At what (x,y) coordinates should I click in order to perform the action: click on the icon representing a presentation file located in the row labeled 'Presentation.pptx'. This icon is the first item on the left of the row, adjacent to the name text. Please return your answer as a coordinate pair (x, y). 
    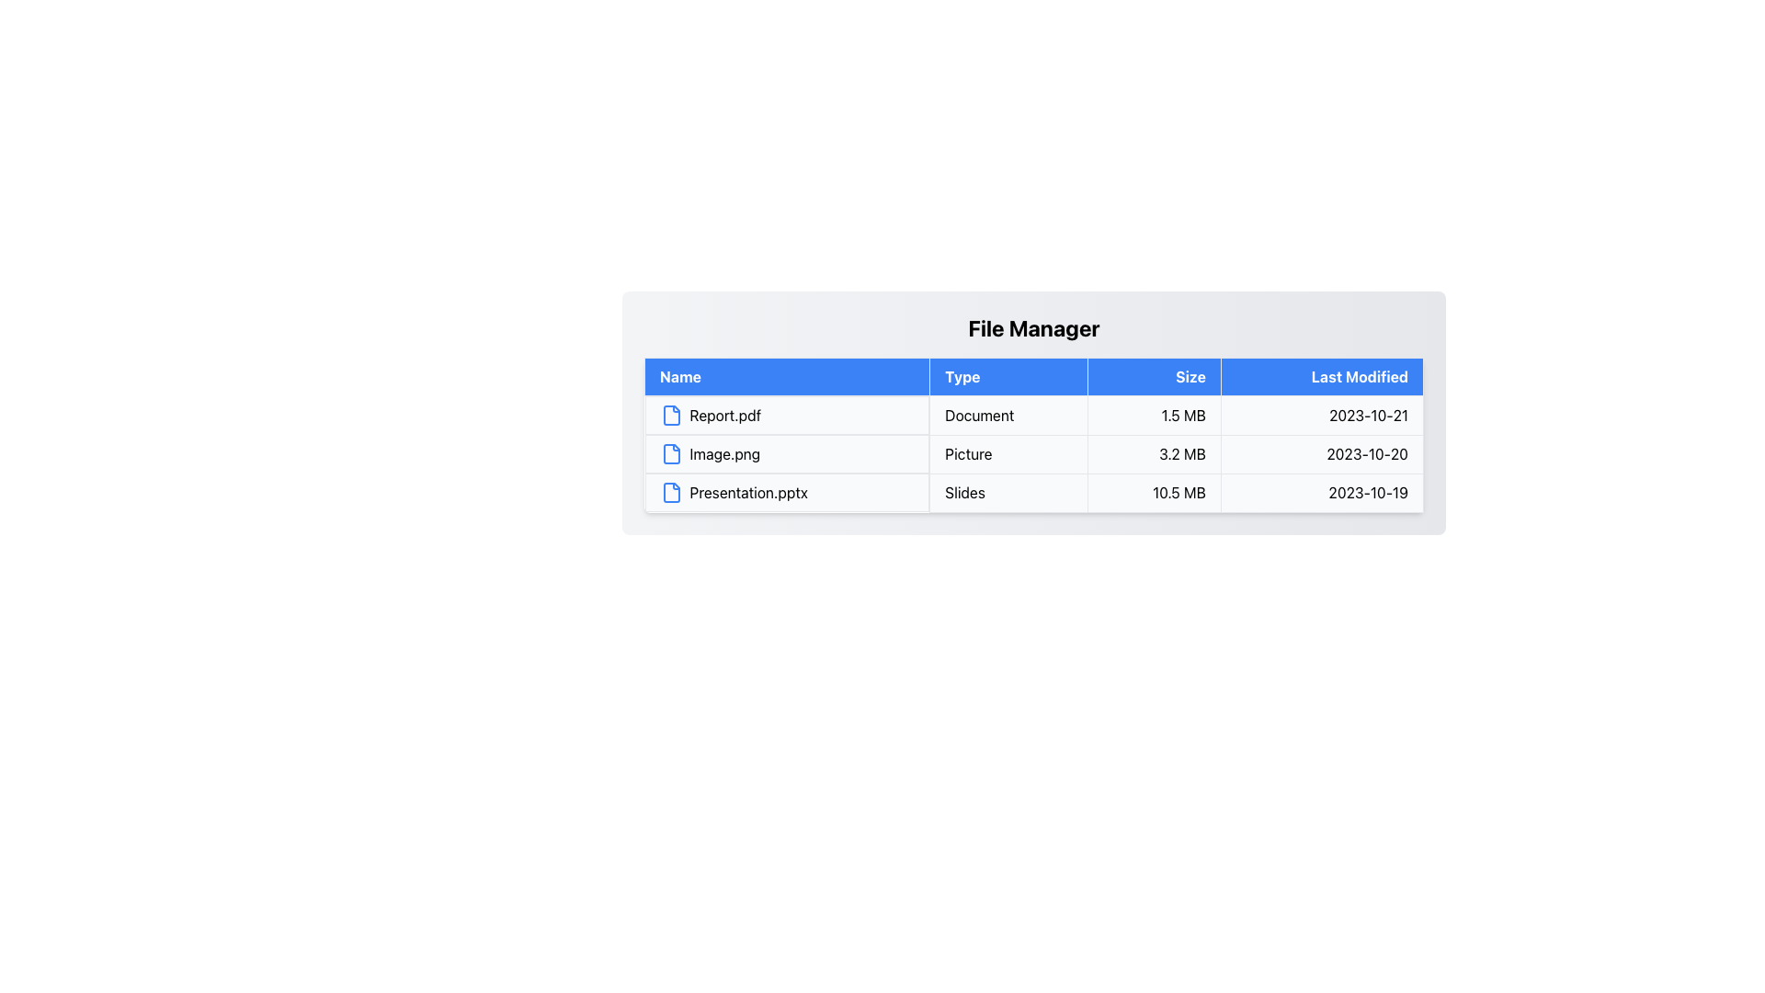
    Looking at the image, I should click on (670, 492).